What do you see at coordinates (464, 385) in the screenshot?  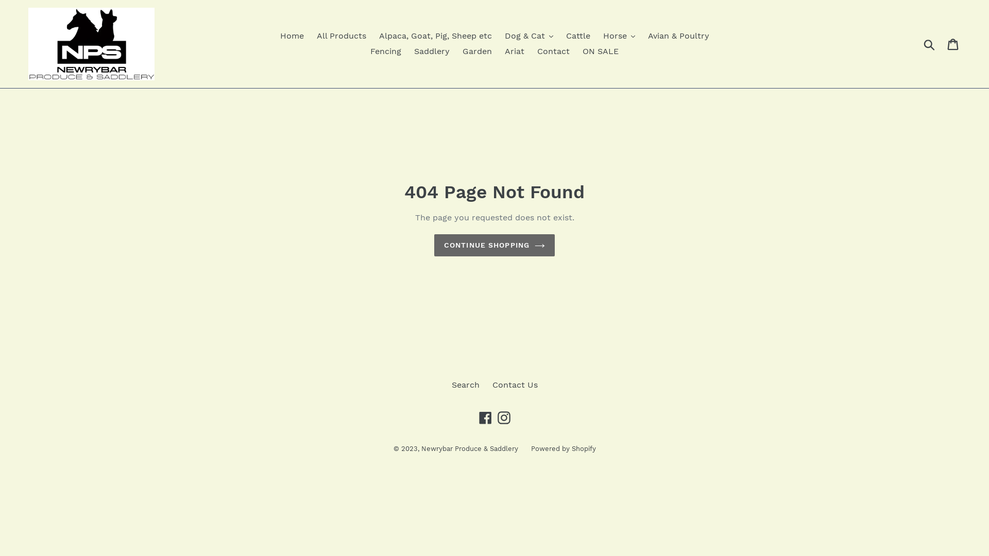 I see `'Search'` at bounding box center [464, 385].